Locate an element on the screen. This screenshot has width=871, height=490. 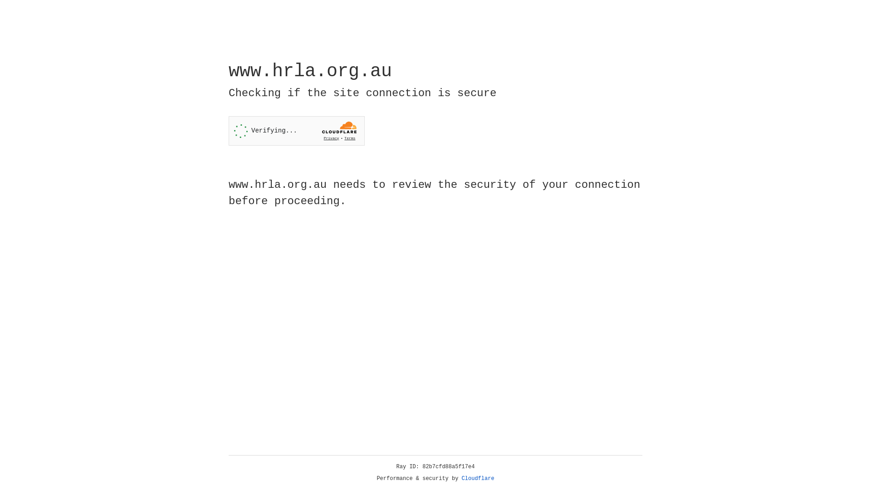
'Widget containing a Cloudflare security challenge' is located at coordinates (296, 131).